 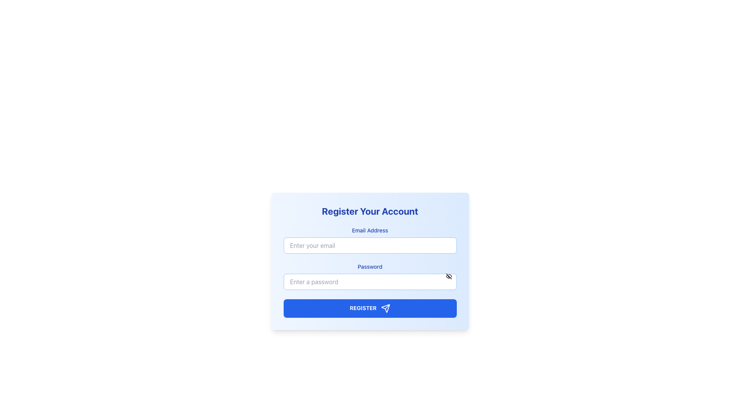 I want to click on text label that displays 'Email Address', which is styled with a small font size and medium weight, located above the email input field in the registration form, so click(x=369, y=230).